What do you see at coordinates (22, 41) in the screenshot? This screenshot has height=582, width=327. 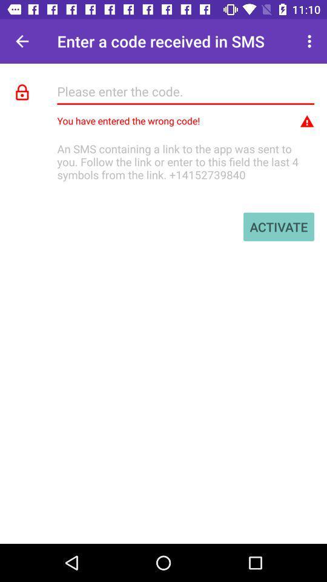 I see `icon to the left of the enter a code icon` at bounding box center [22, 41].